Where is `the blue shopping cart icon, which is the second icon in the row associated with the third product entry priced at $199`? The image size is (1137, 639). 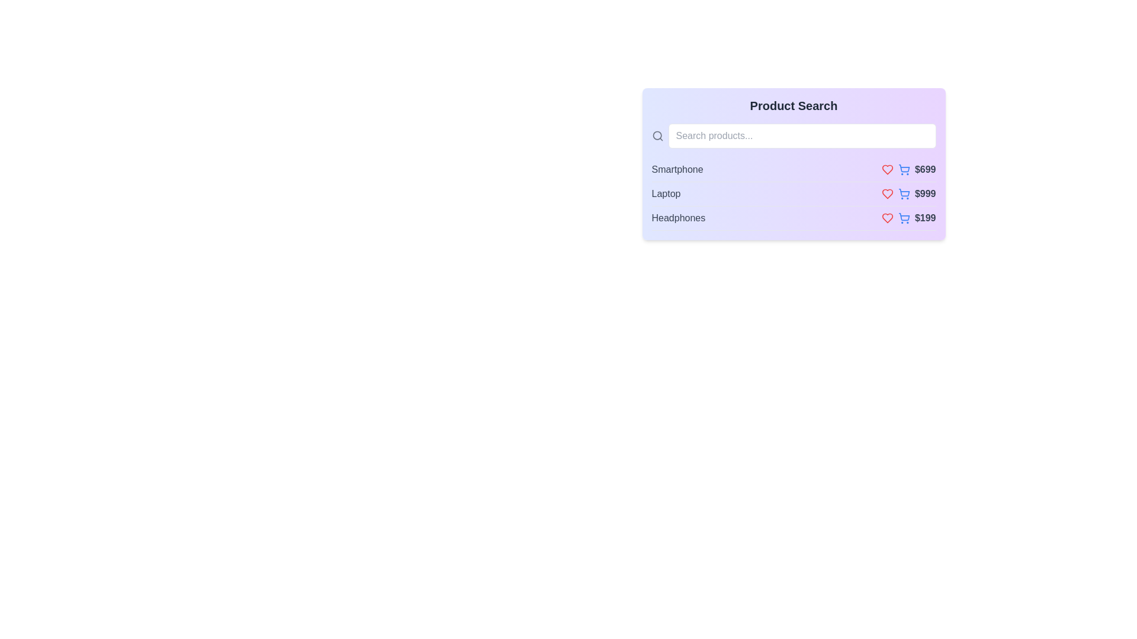
the blue shopping cart icon, which is the second icon in the row associated with the third product entry priced at $199 is located at coordinates (903, 218).